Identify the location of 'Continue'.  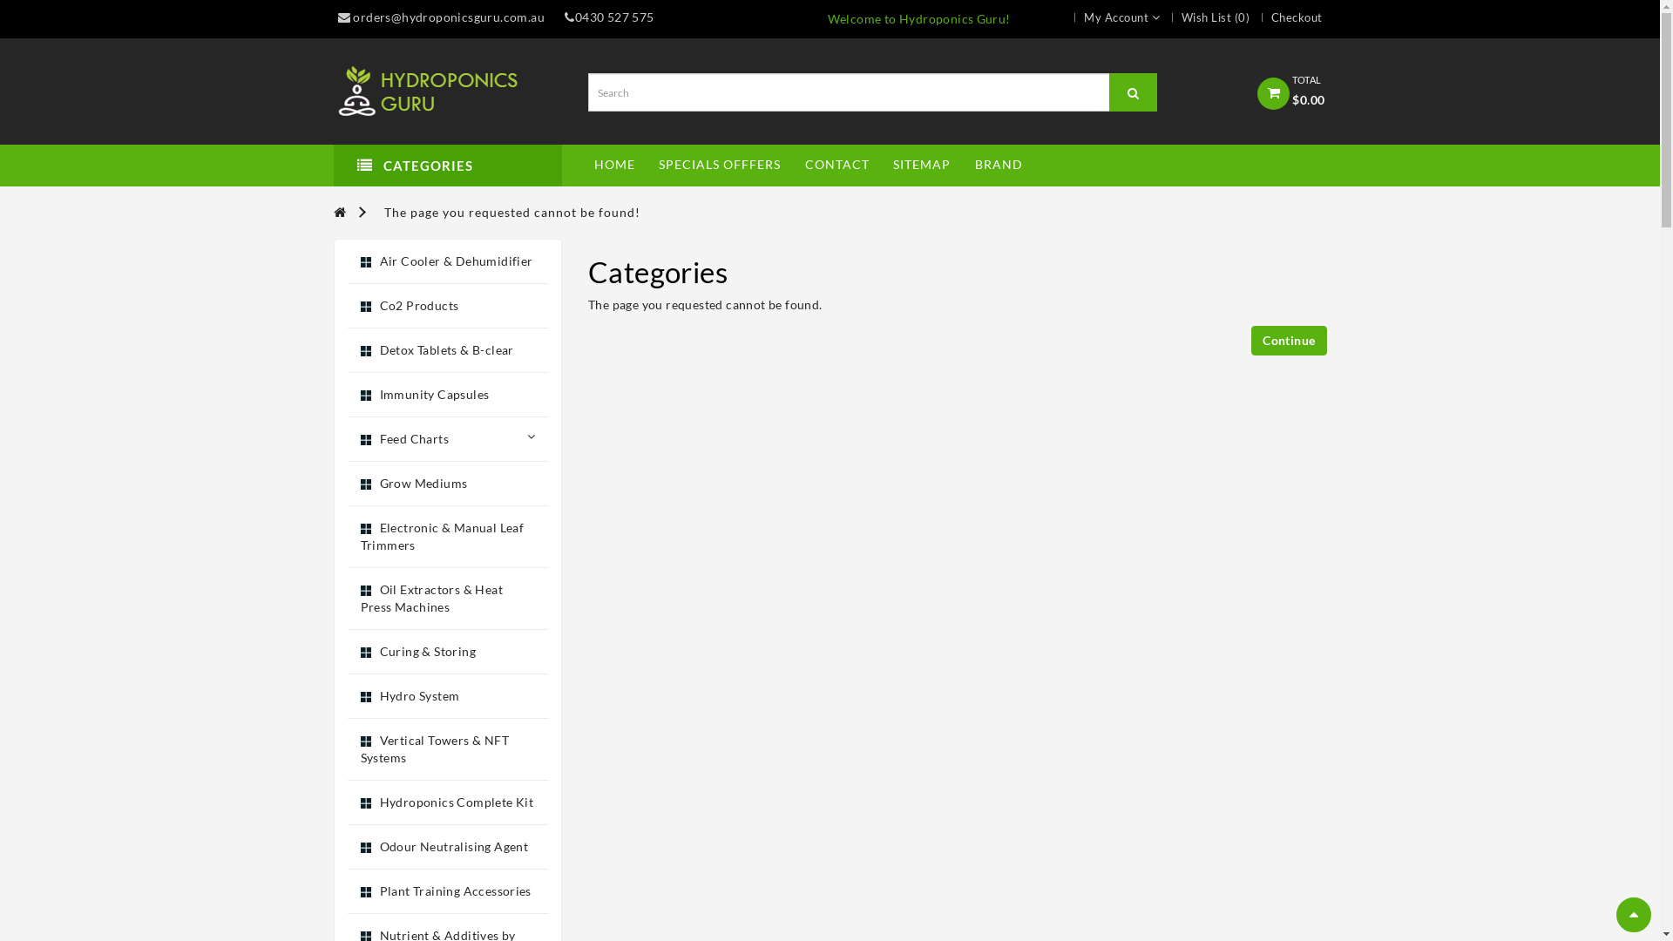
(1288, 340).